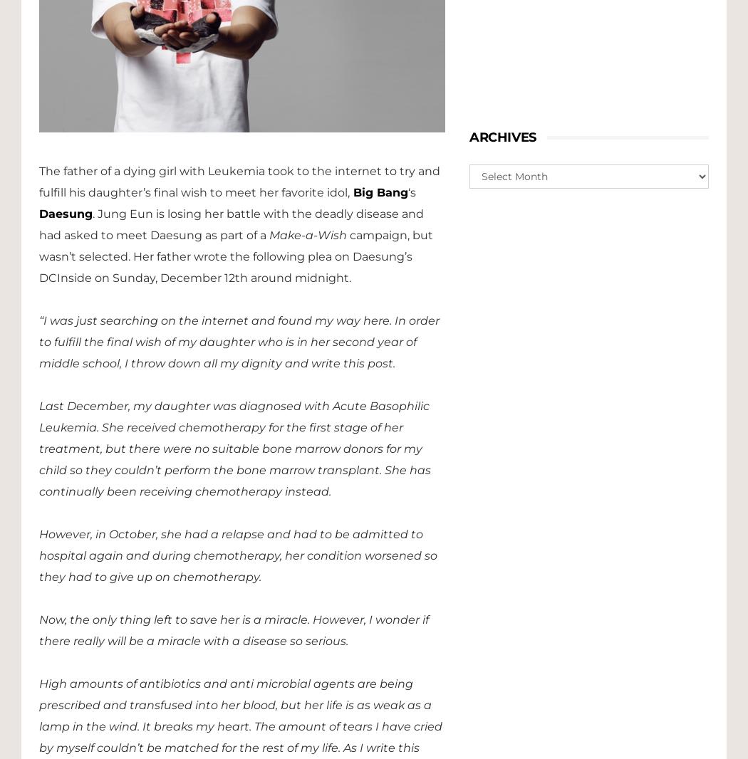  What do you see at coordinates (239, 180) in the screenshot?
I see `'The father of a dying girl with Leukemia took to the internet to try and fulfill his daughter’s final wish to meet her favorite idol,'` at bounding box center [239, 180].